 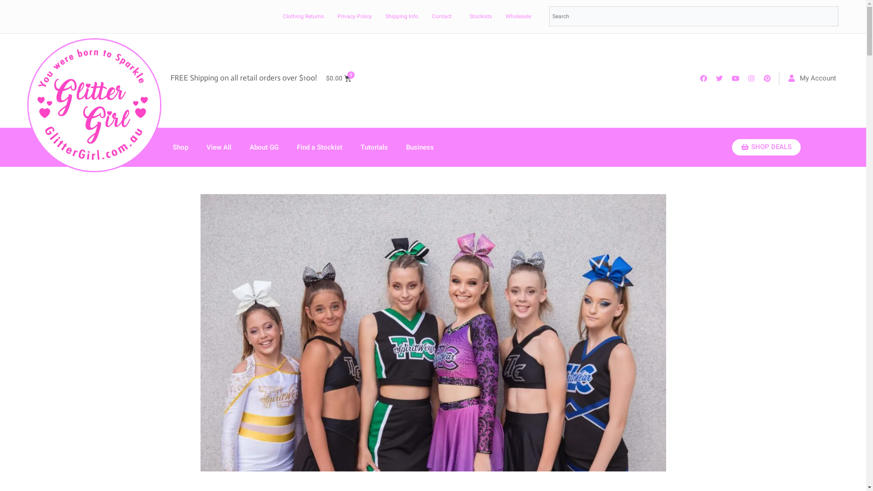 What do you see at coordinates (518, 16) in the screenshot?
I see `'Wholesale'` at bounding box center [518, 16].